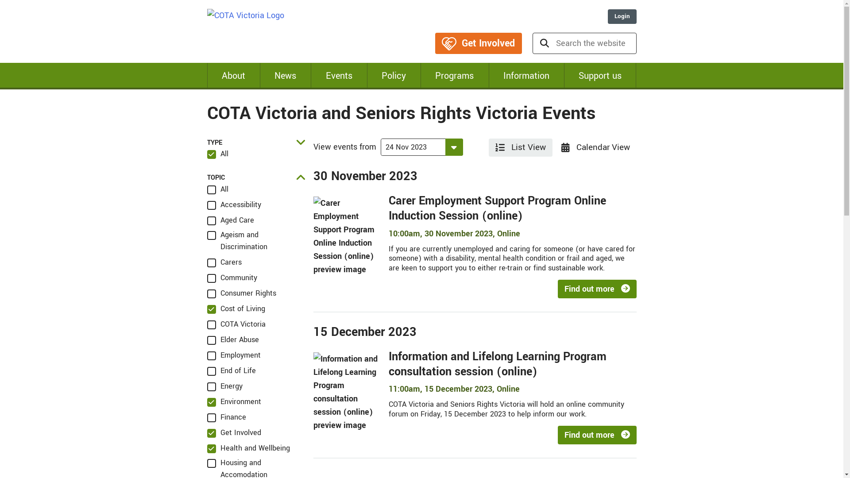  Describe the element at coordinates (232, 370) in the screenshot. I see `'End of Life'` at that location.